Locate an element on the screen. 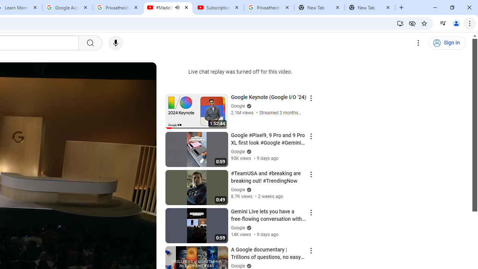  'Action menu' is located at coordinates (311, 251).